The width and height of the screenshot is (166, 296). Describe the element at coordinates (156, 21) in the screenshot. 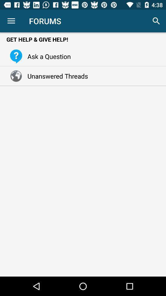

I see `icon to the right of the forums` at that location.